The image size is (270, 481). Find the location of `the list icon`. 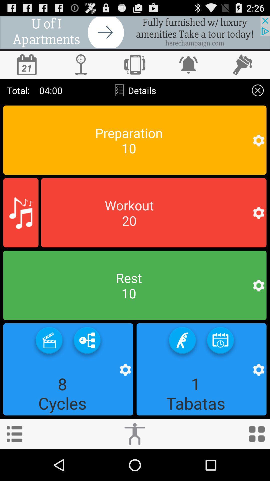

the list icon is located at coordinates (14, 464).